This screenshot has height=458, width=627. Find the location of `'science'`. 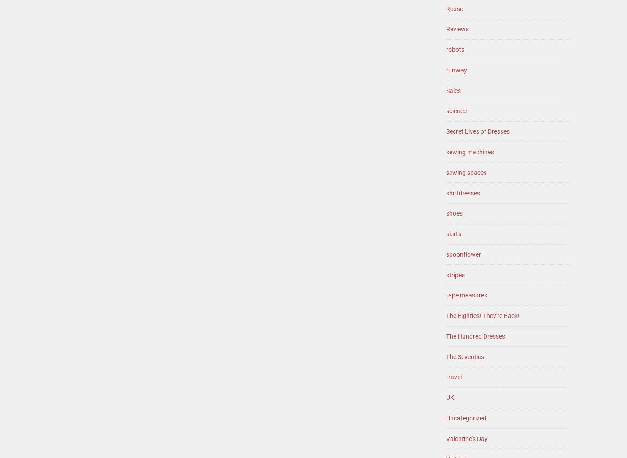

'science' is located at coordinates (456, 110).